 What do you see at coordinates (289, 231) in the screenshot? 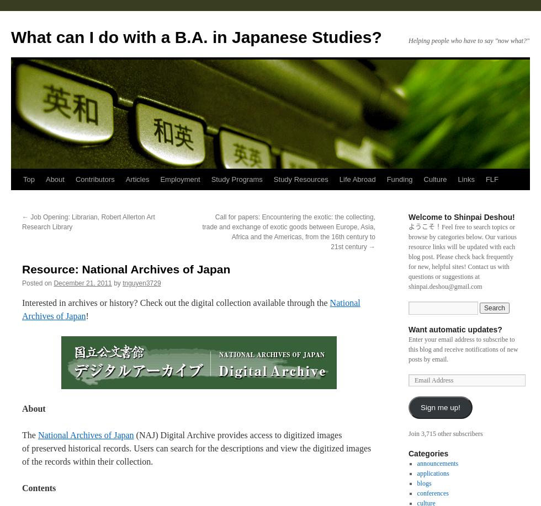
I see `'Call for papers: Encountering the exotic: the collecting, trade and exchange of exotic goods between Europe, Asia, Africa and the Americas, from the 16th century to 21st century'` at bounding box center [289, 231].